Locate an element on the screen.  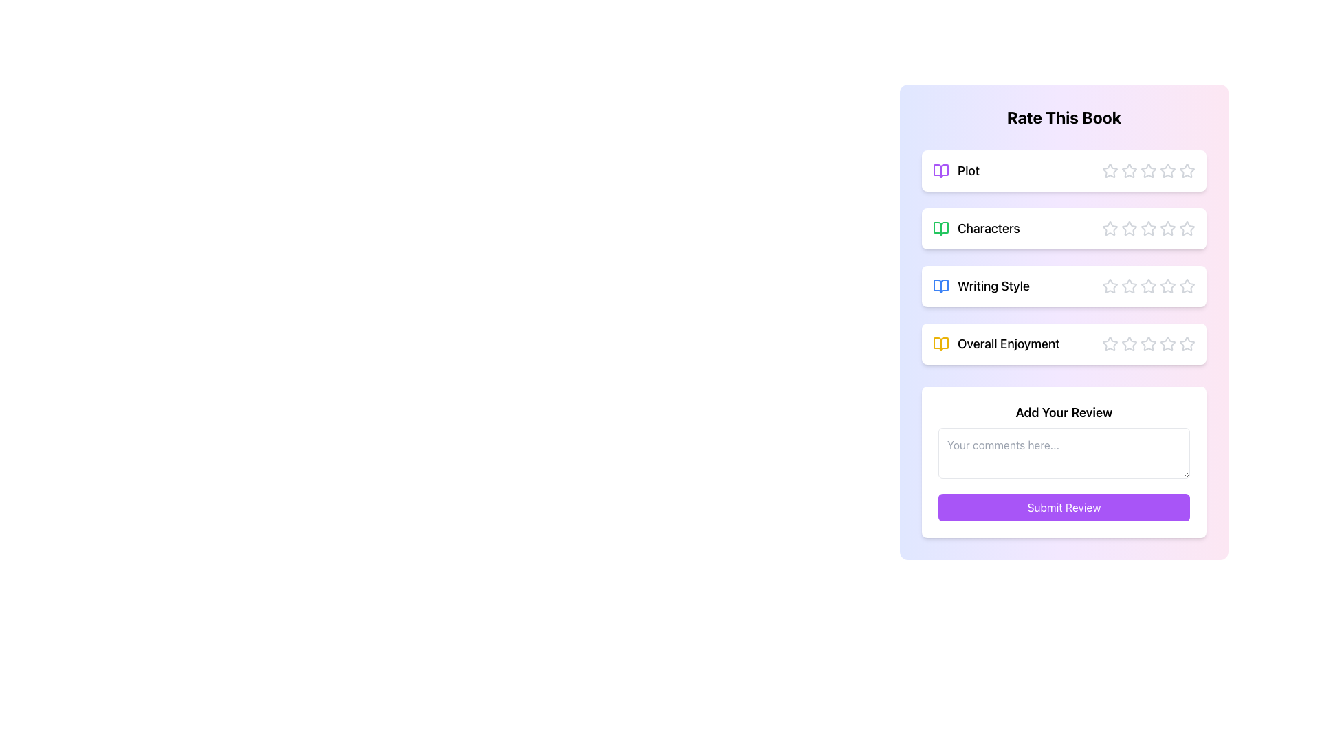
the fourth star in the 'Overall Enjoyment' rating component is located at coordinates (1148, 343).